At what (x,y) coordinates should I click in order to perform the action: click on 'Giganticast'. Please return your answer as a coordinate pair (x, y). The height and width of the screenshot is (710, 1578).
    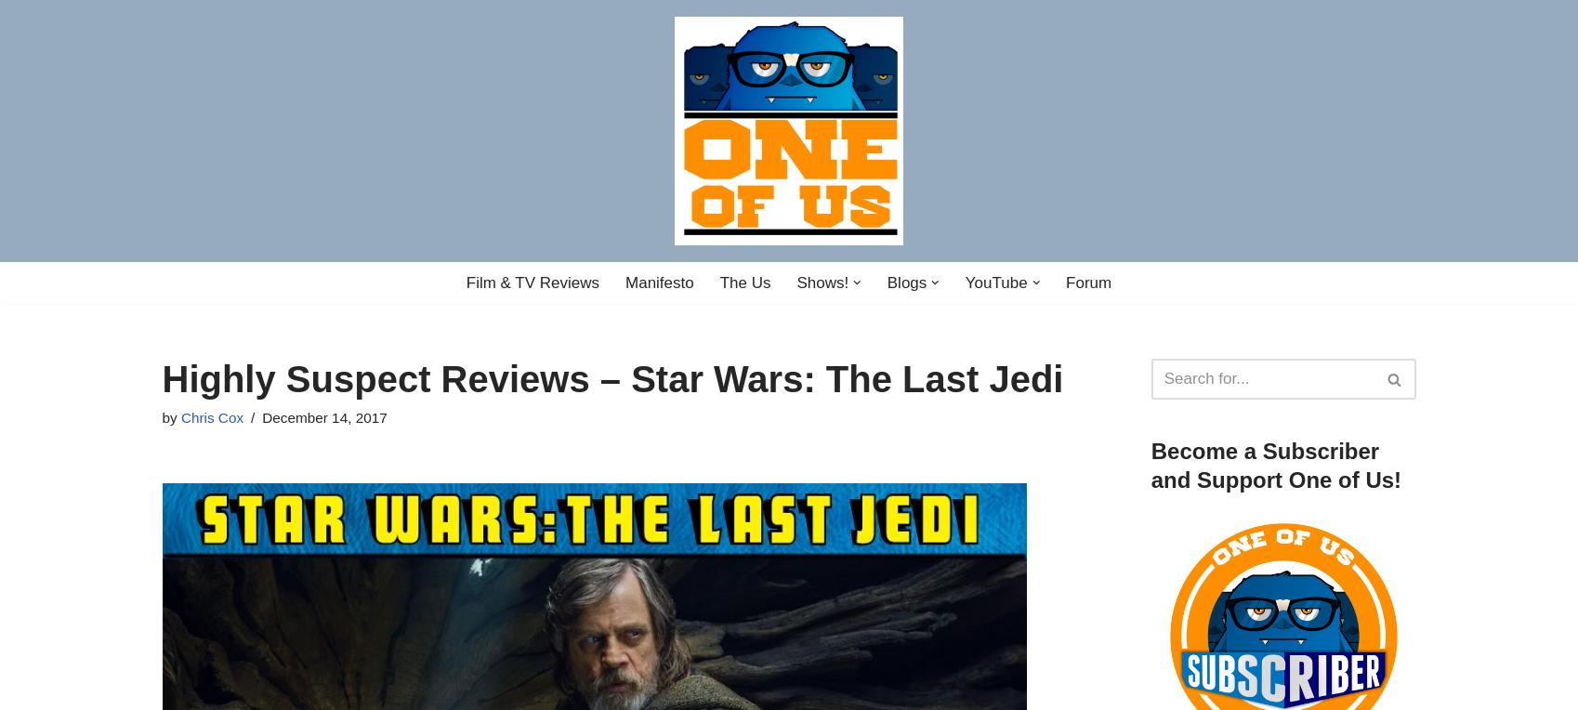
    Looking at the image, I should click on (720, 535).